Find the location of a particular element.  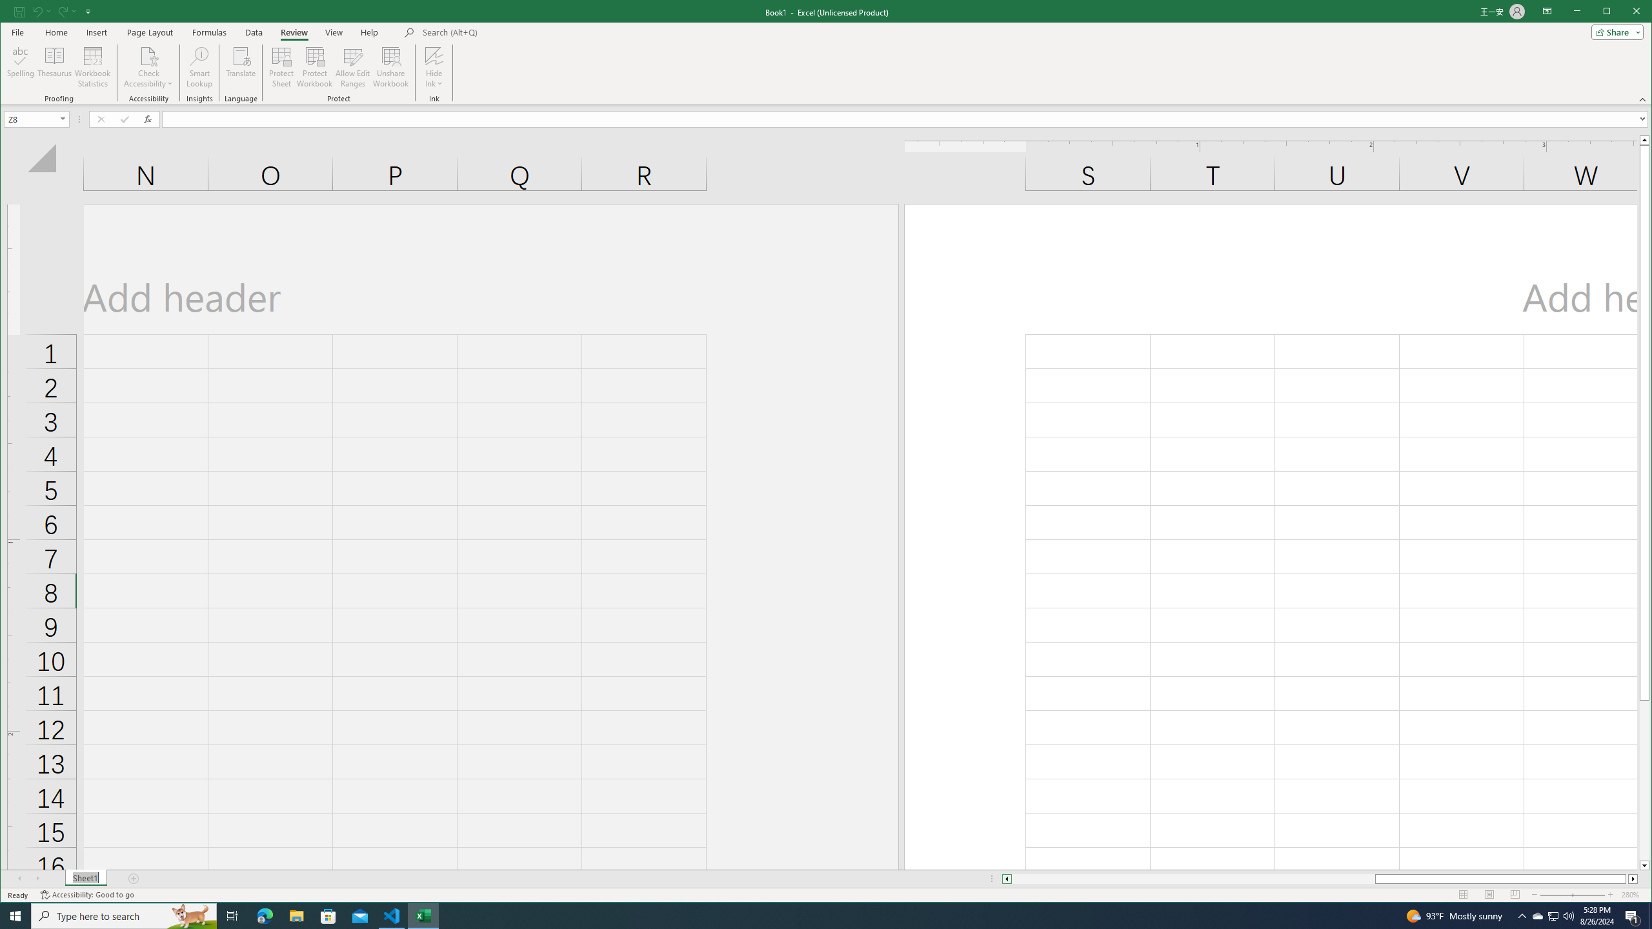

'User Promoted Notification Area' is located at coordinates (1553, 915).